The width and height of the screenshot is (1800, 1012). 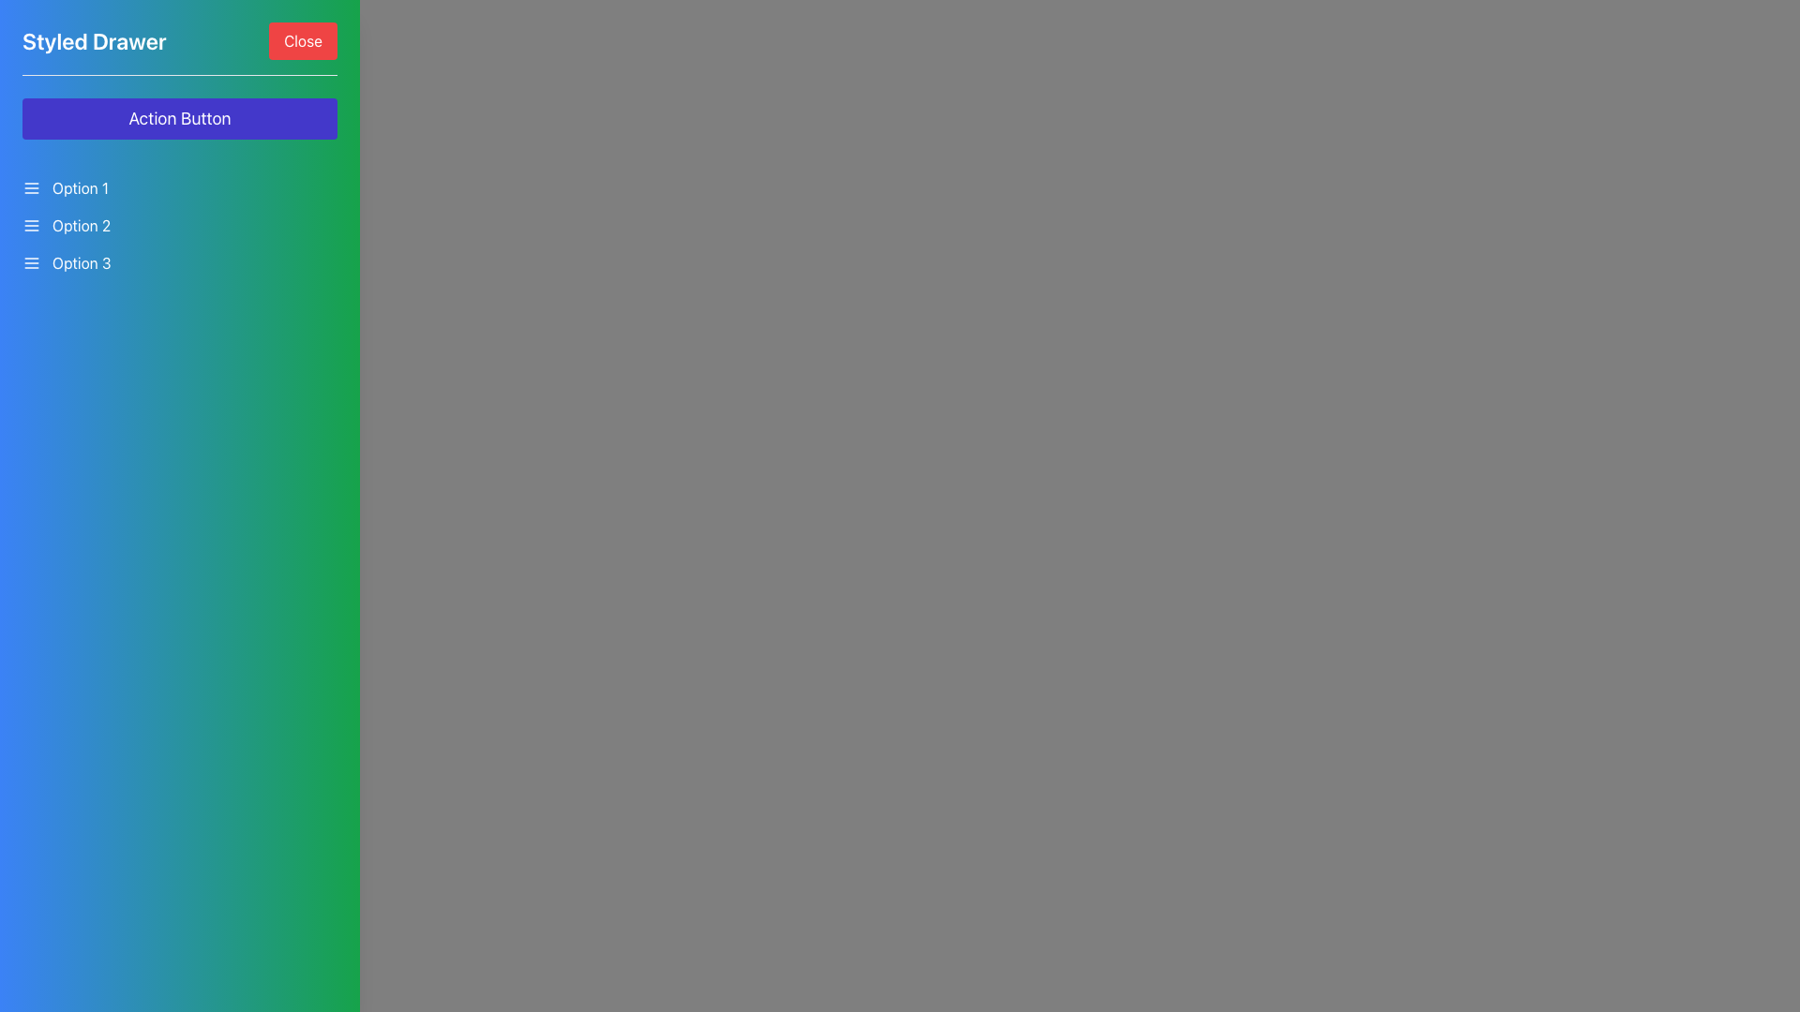 I want to click on the icon associated with 'Option 3' in the side drawer, so click(x=31, y=263).